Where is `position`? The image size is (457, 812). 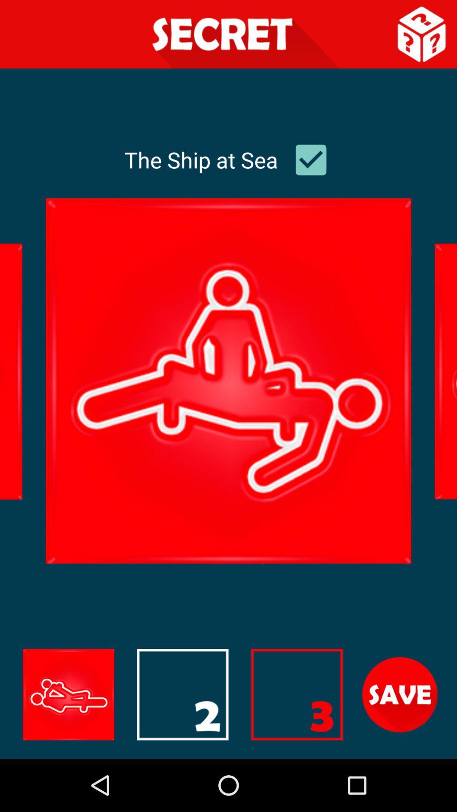
position is located at coordinates (400, 694).